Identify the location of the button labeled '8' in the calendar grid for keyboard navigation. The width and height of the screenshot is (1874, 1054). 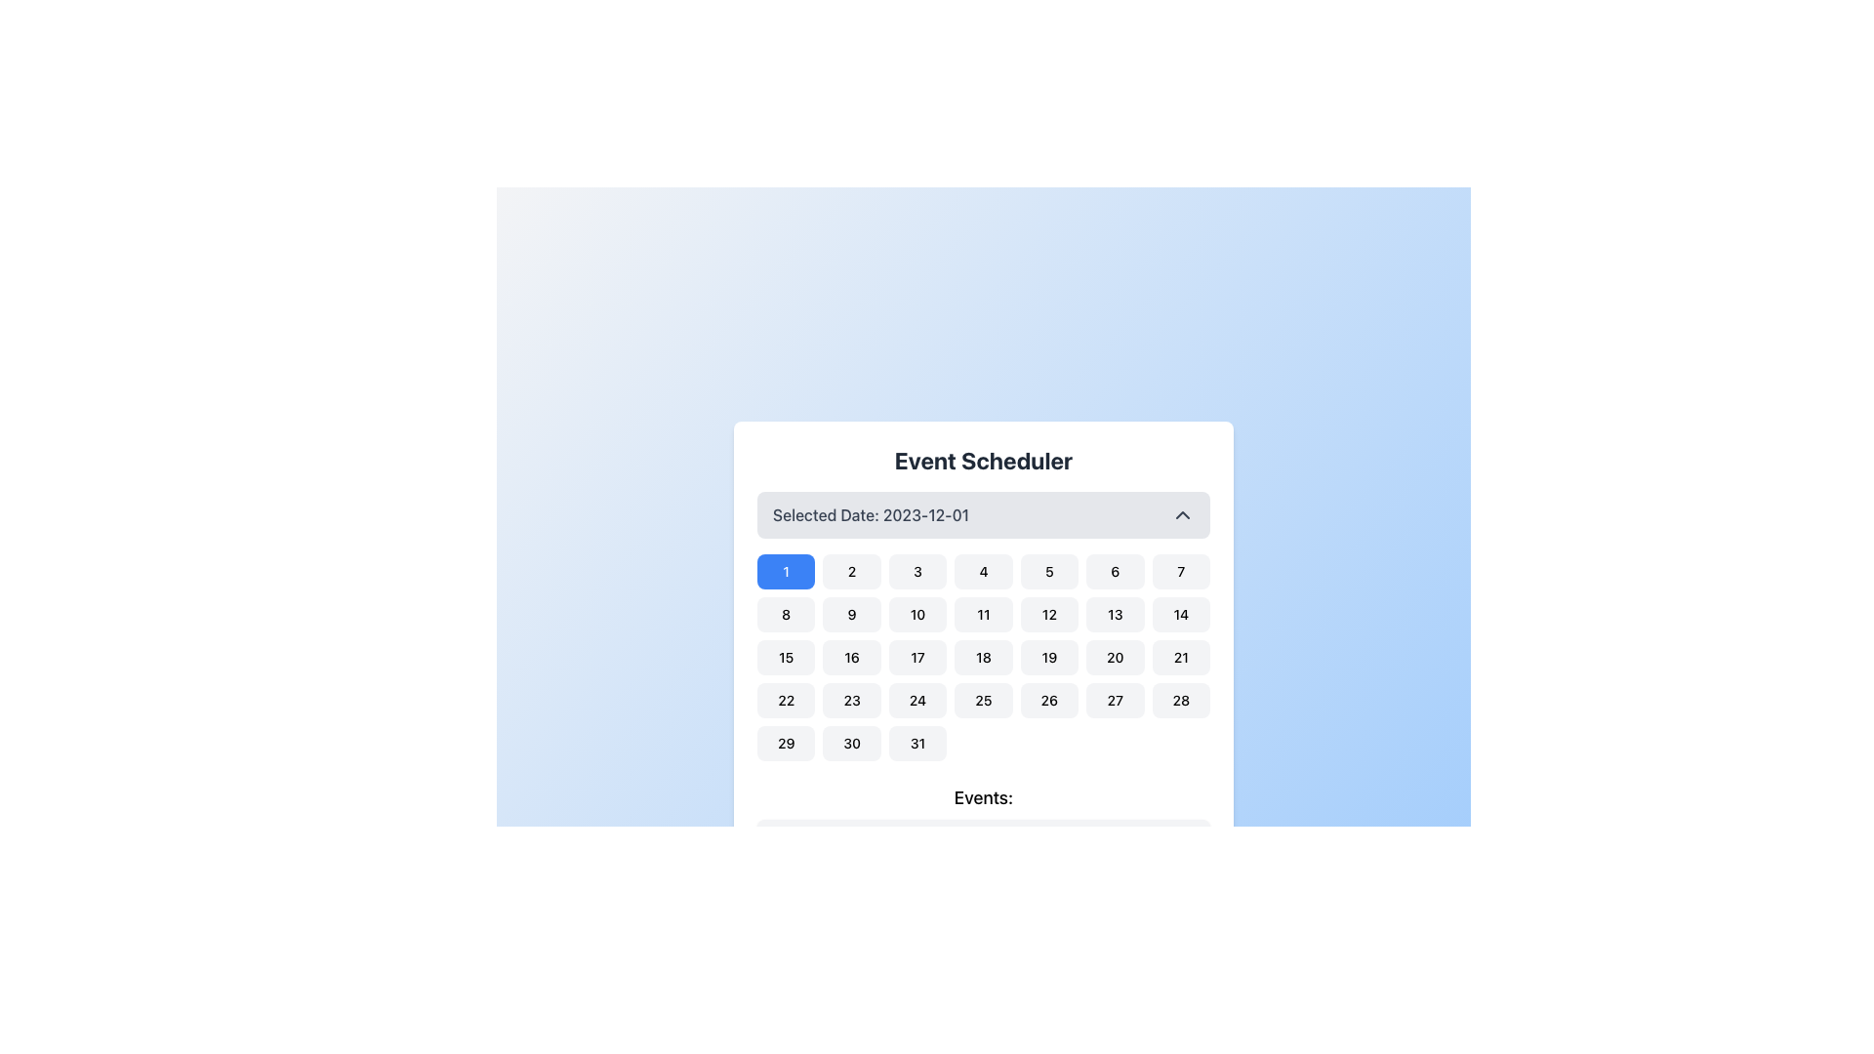
(786, 613).